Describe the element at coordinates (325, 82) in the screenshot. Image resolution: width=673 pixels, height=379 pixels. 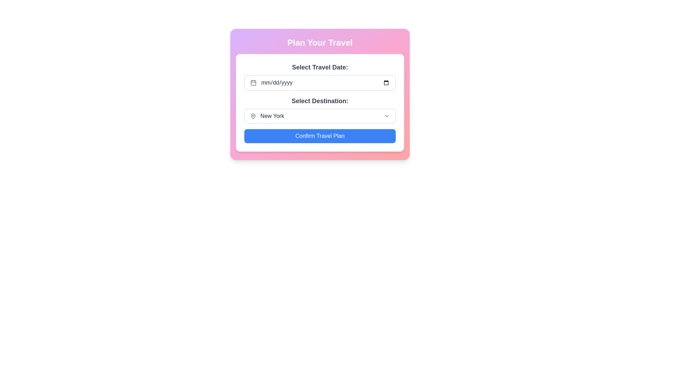
I see `the styled Date Input Field with a placeholder of 'mm/dd/yyyy' to focus on it` at that location.